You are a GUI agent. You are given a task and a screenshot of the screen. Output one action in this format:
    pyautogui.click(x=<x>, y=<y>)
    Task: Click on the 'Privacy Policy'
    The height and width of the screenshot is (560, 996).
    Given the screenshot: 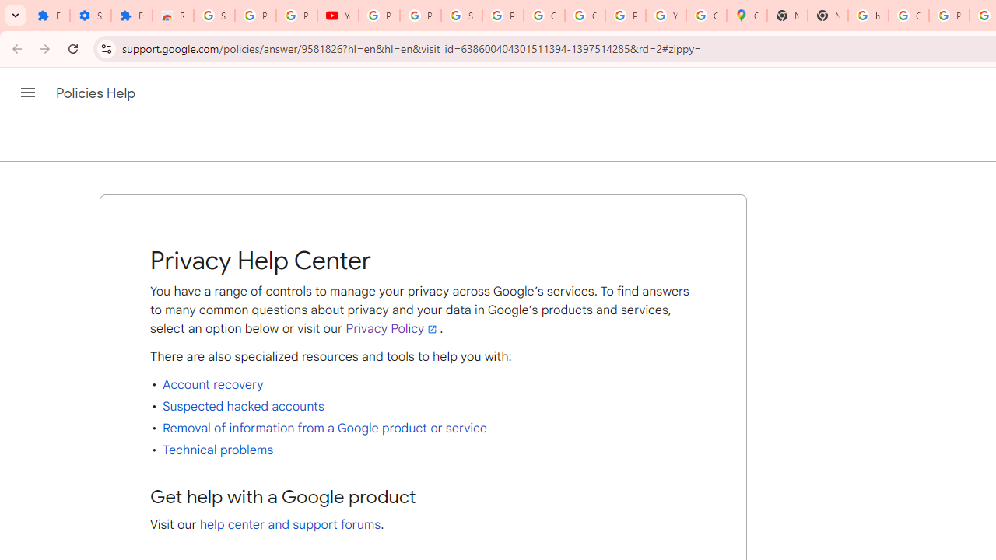 What is the action you would take?
    pyautogui.click(x=392, y=328)
    